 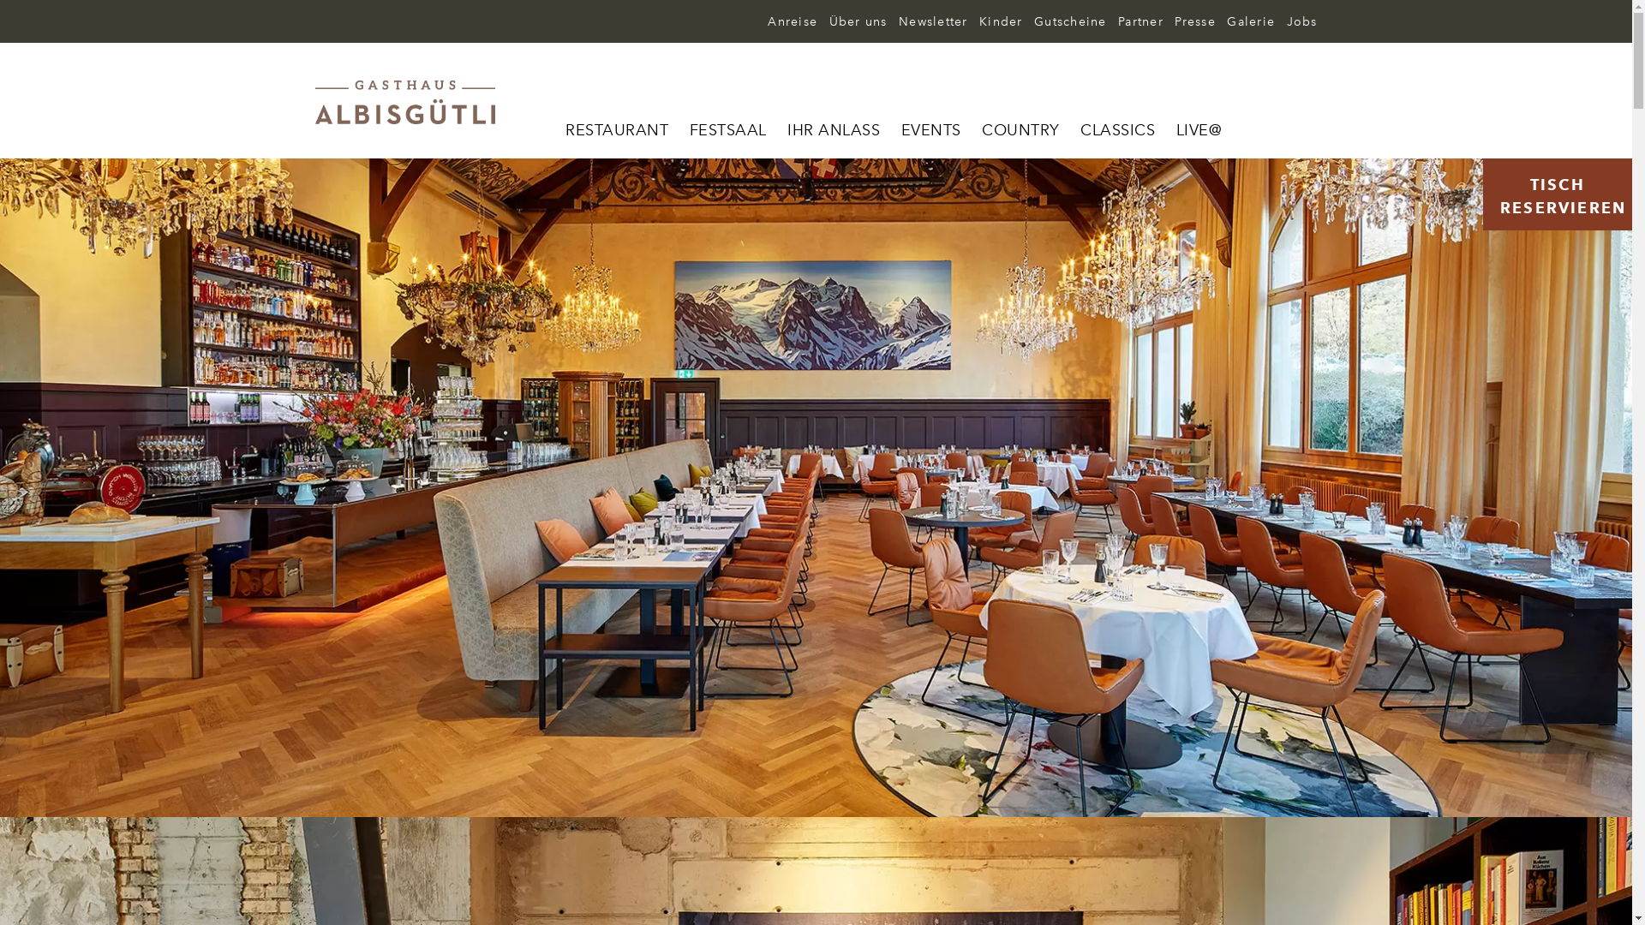 I want to click on 'Presse', so click(x=1190, y=22).